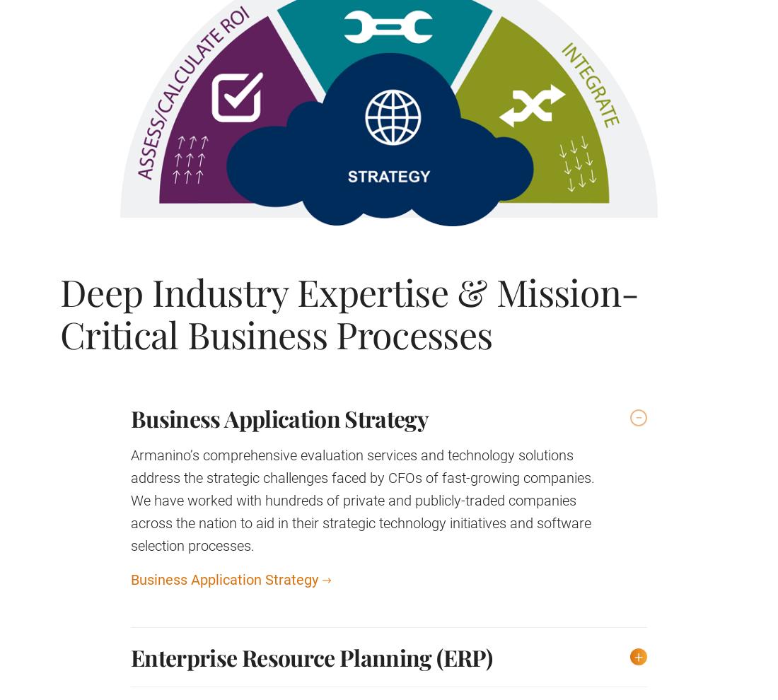 This screenshot has height=700, width=778. I want to click on 'Privacy Policy', so click(413, 337).